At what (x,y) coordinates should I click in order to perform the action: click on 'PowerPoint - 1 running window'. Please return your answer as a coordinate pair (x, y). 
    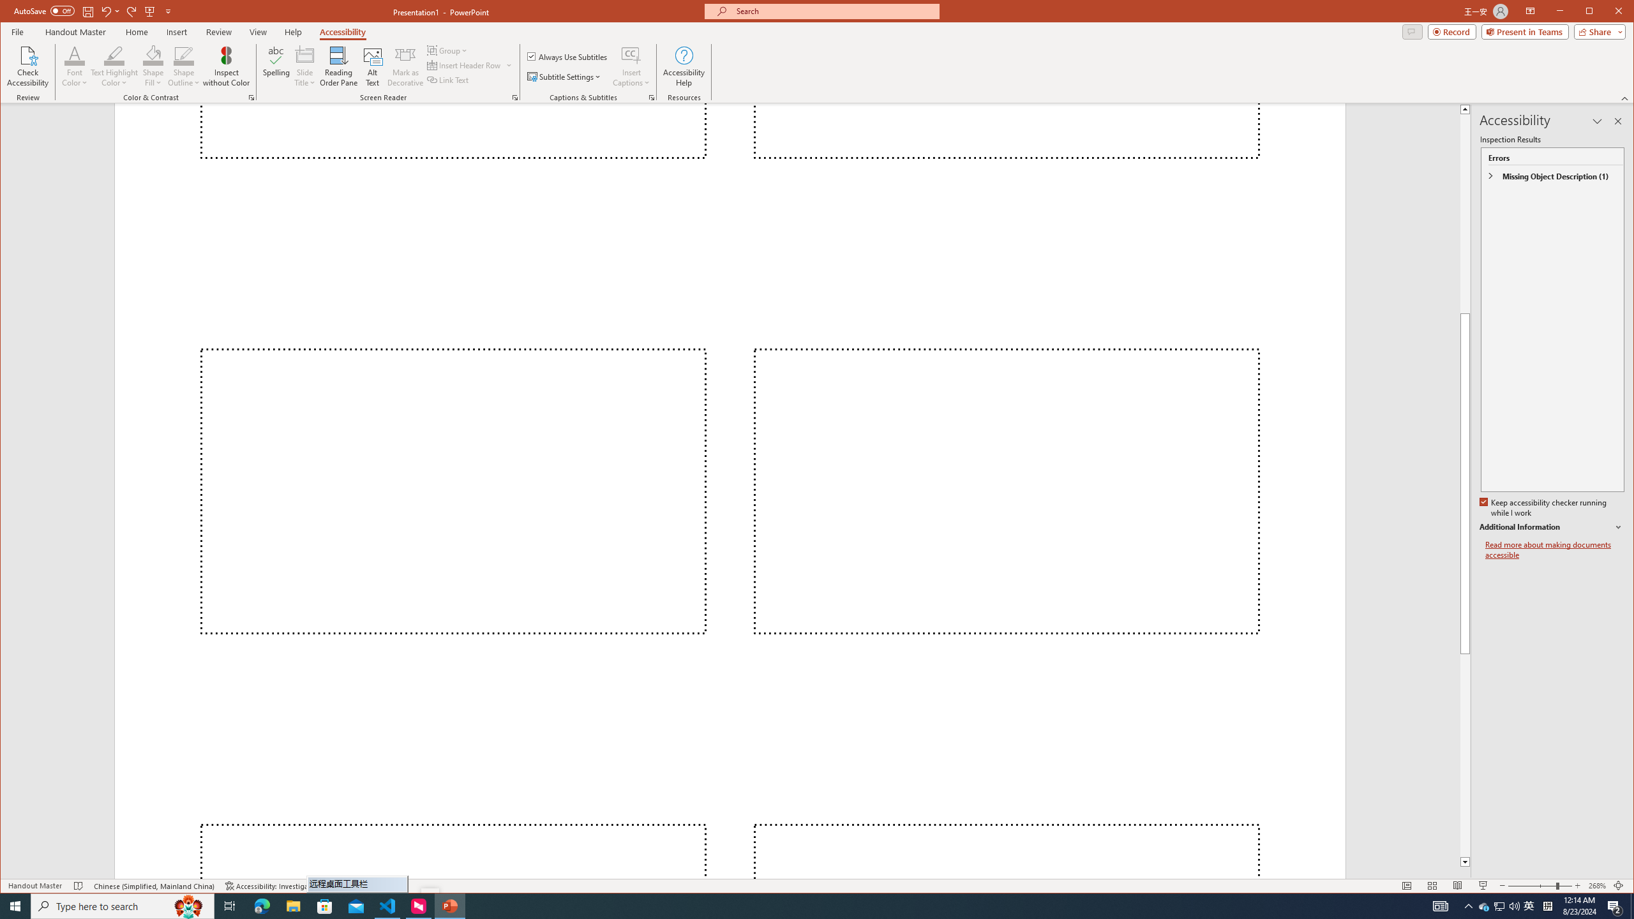
    Looking at the image, I should click on (450, 905).